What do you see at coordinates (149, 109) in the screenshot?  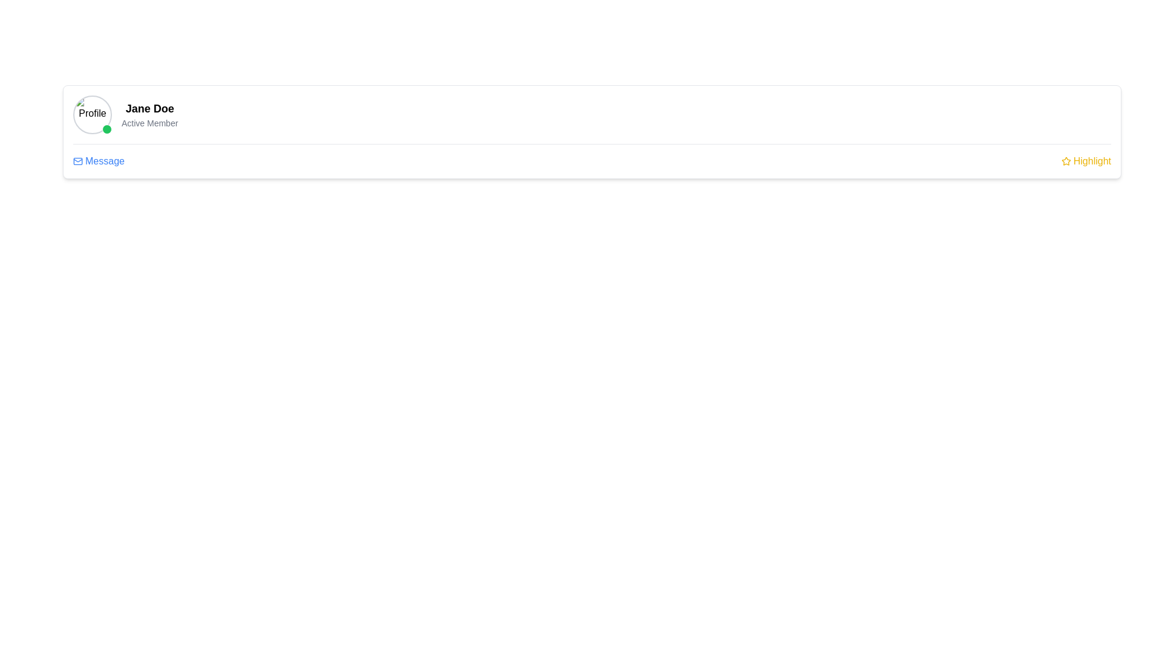 I see `the text label displaying 'Jane Doe', which is bold and large, positioned above 'Active Member' and to the right of the profile icon` at bounding box center [149, 109].